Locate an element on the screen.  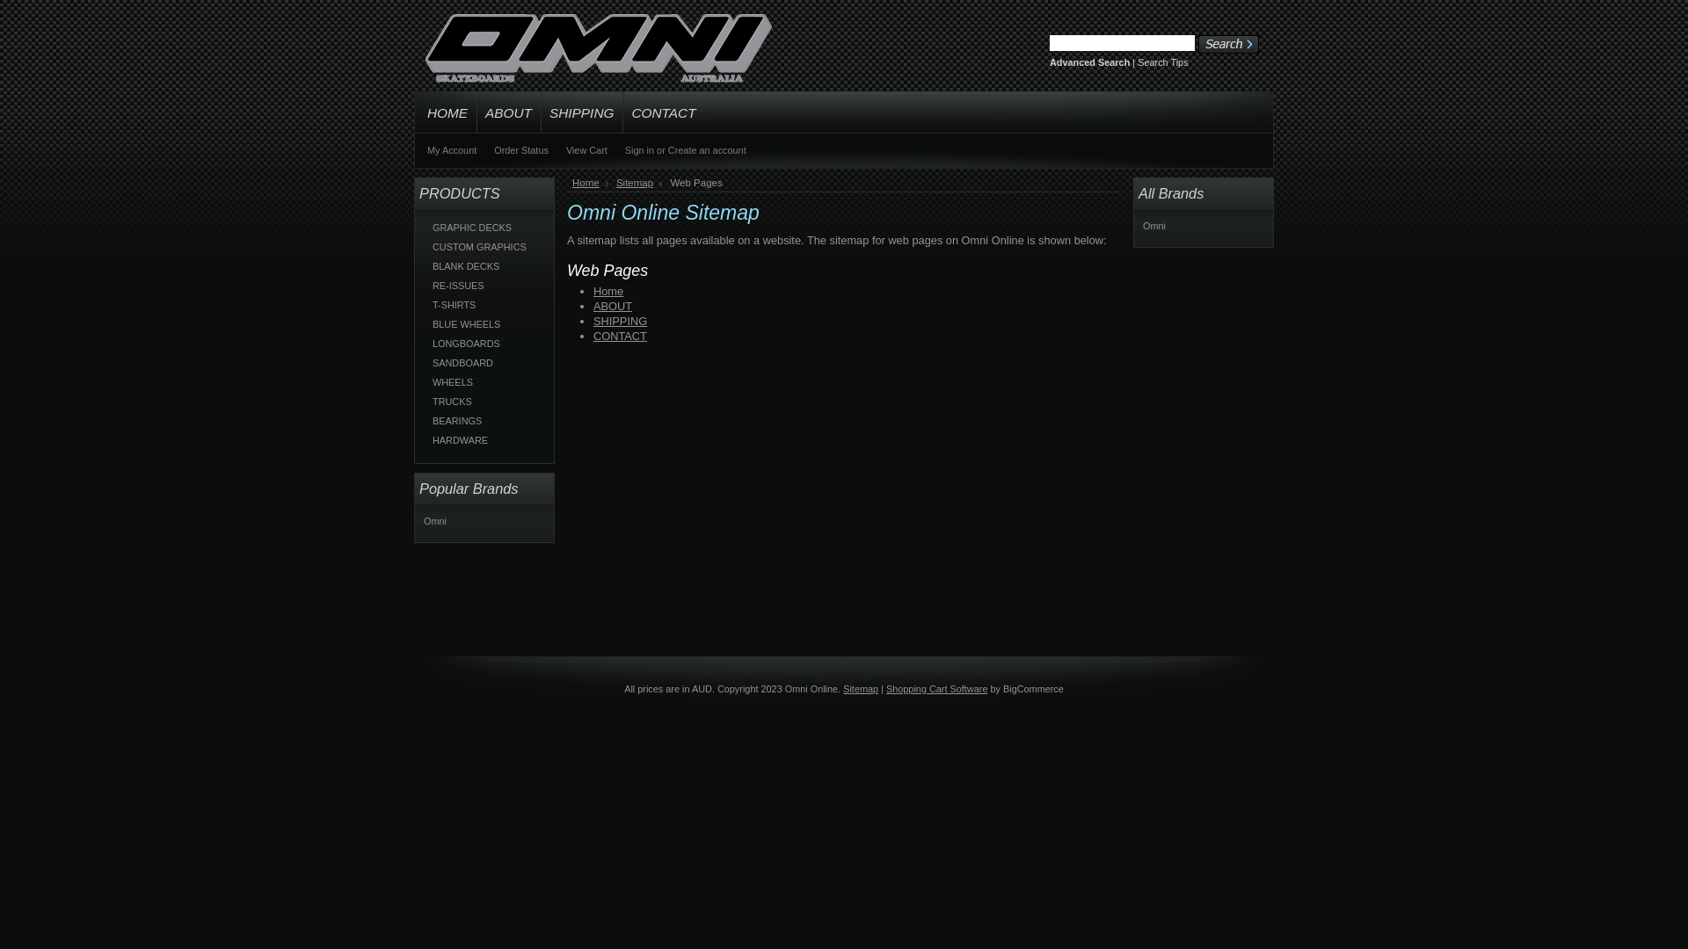
'WHEELS' is located at coordinates (485, 381).